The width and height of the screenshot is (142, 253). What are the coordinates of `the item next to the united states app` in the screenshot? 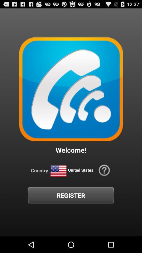 It's located at (104, 170).